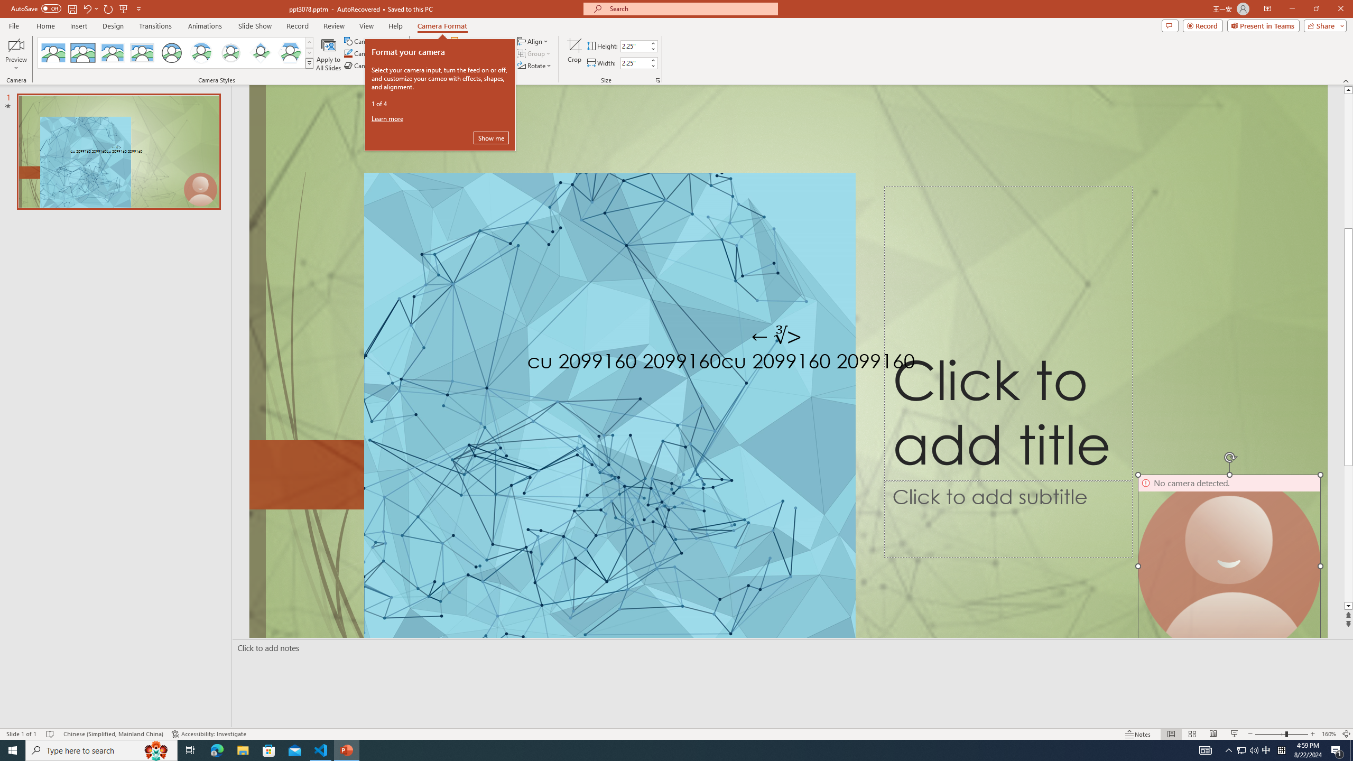 The width and height of the screenshot is (1353, 761). Describe the element at coordinates (634, 46) in the screenshot. I see `'Cameo Height'` at that location.